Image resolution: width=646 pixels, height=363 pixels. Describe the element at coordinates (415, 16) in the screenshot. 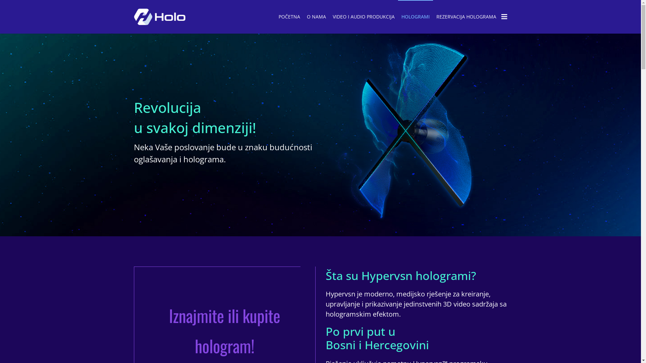

I see `'HOLOGRAMI'` at that location.